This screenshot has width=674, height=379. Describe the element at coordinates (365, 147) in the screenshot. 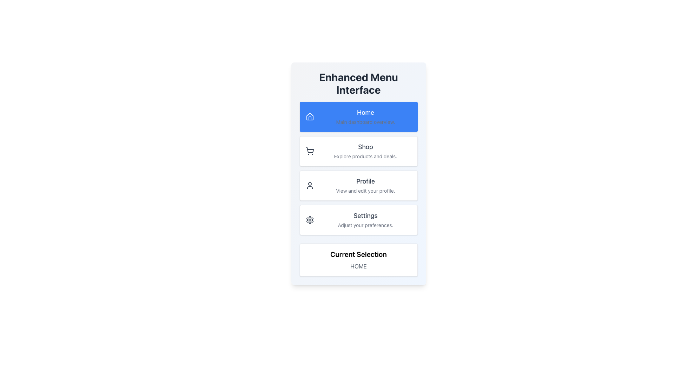

I see `the text label that displays 'Shop' in a bold, large font, which is located in the second section of the menu list` at that location.